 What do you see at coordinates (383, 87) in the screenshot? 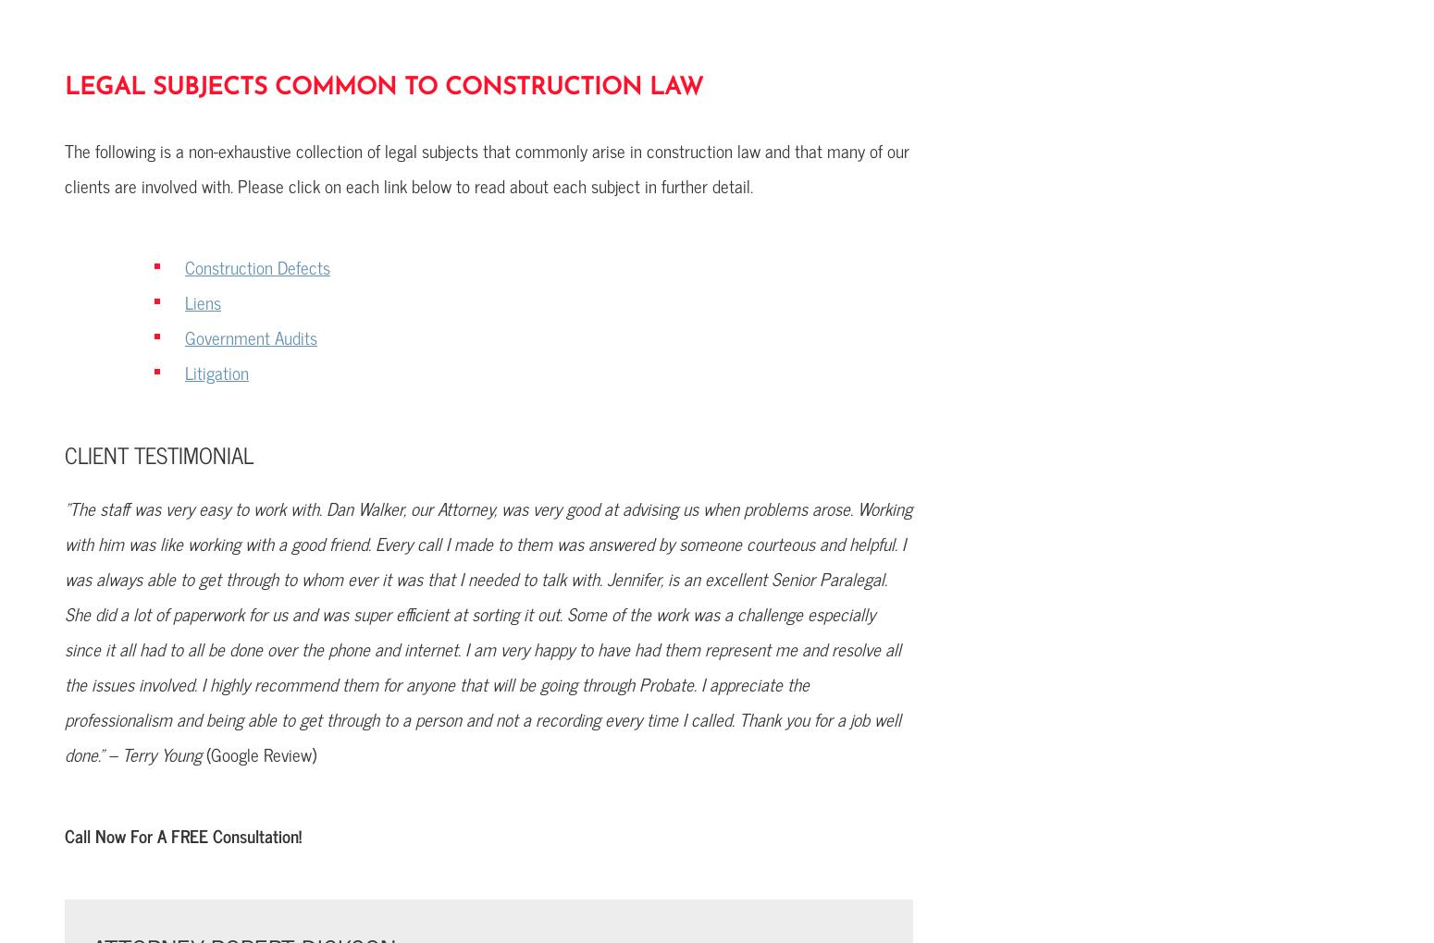
I see `'Legal Subjects Common to Construction Law'` at bounding box center [383, 87].